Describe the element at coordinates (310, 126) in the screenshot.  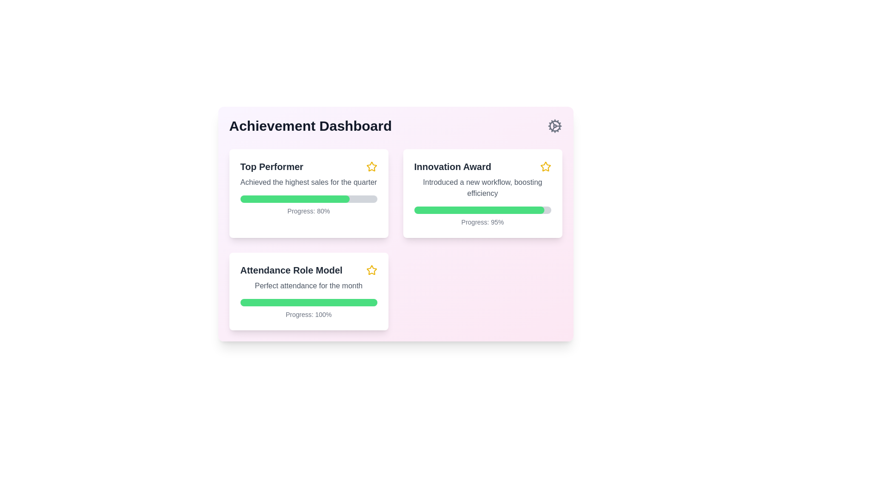
I see `the 'Achievement Dashboard' heading located at the top-left corner of the interface, styled with large bold font in dark gray color` at that location.